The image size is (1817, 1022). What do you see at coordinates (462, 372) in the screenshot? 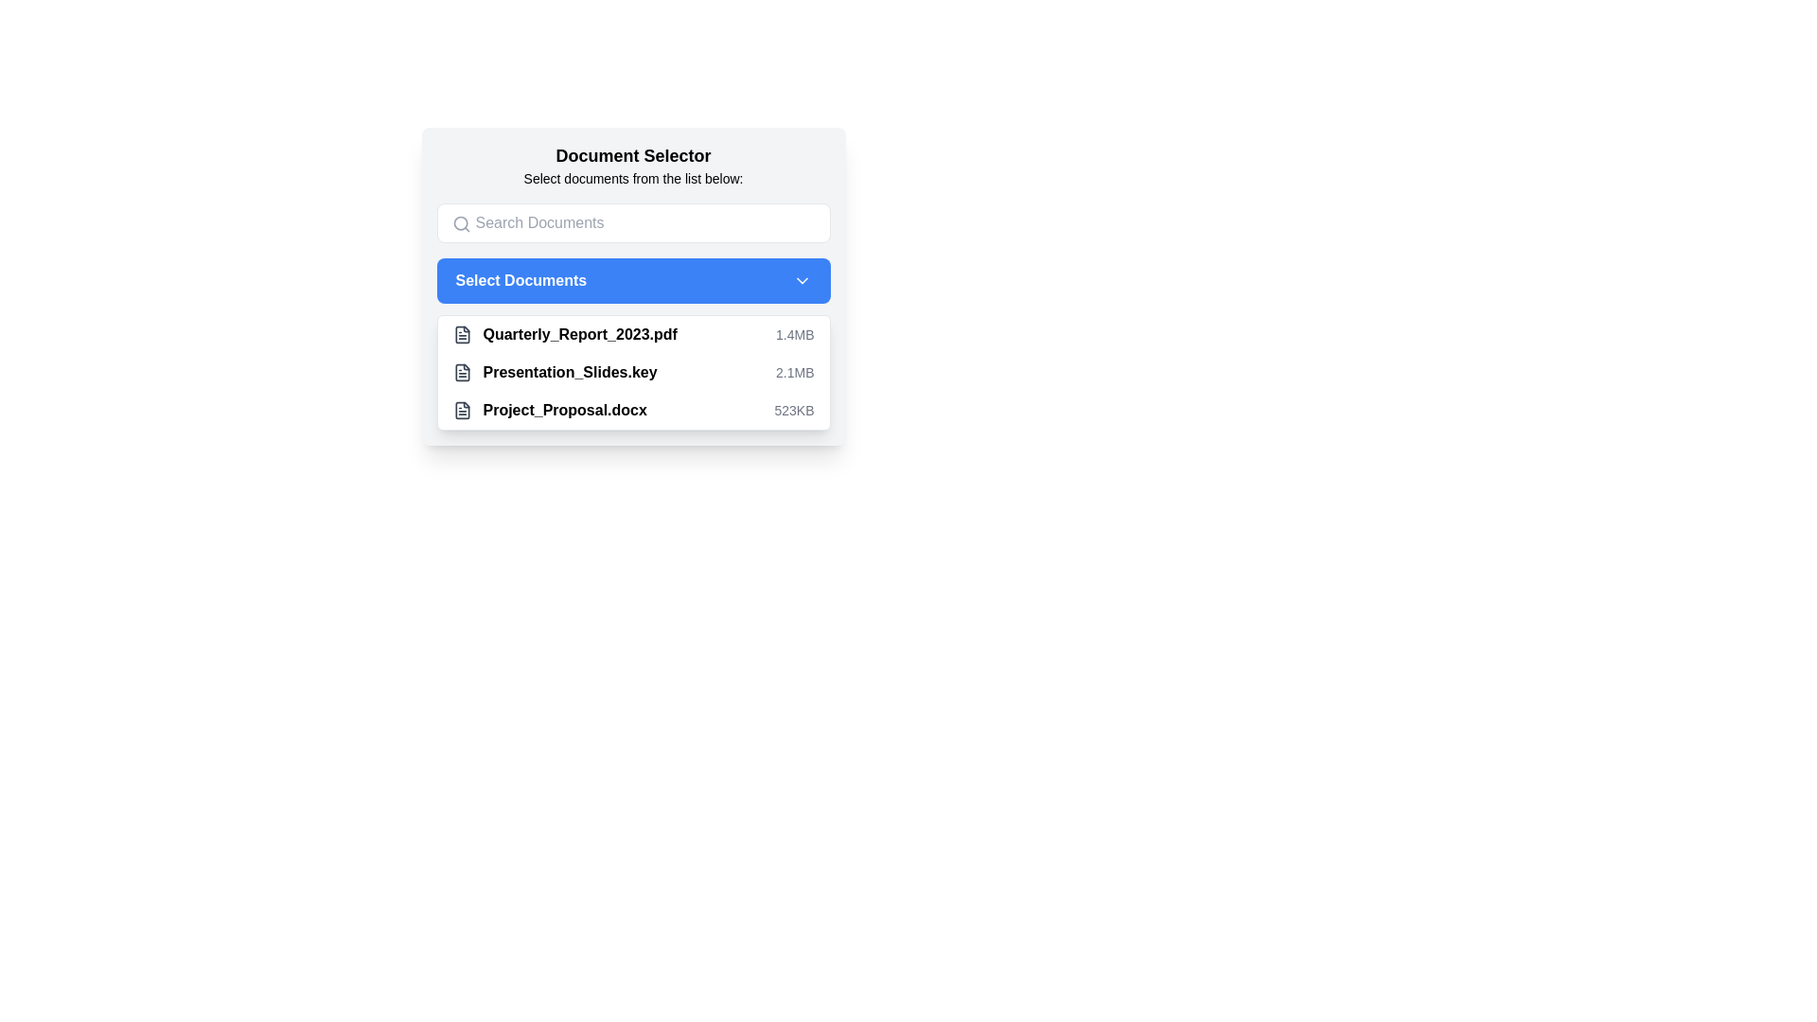
I see `the document icon located in the toolbar to the left of the title text for 'Quarterly_Report_2023.pdf'` at bounding box center [462, 372].